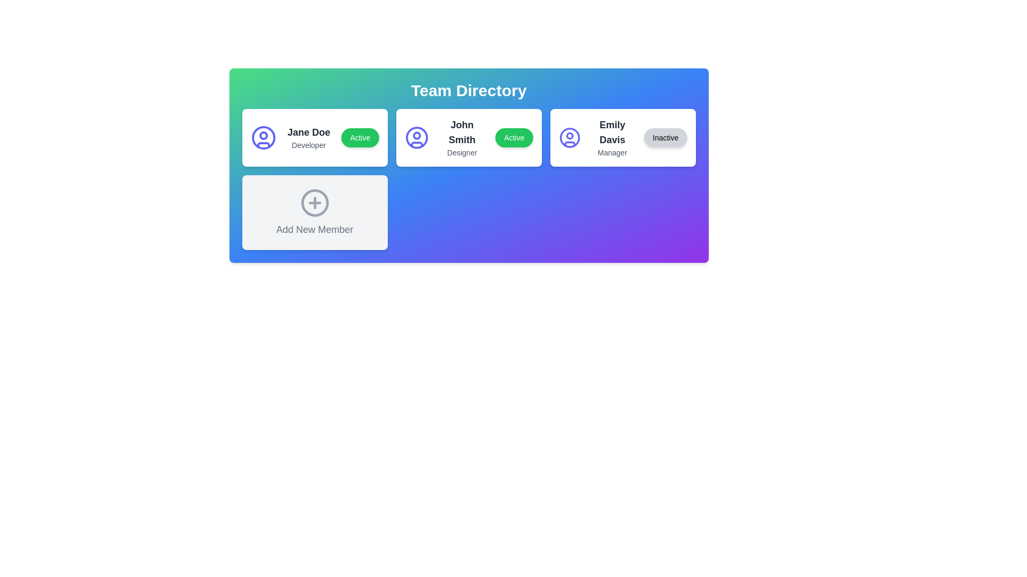 This screenshot has width=1027, height=577. I want to click on the Header Text that serves as a title for the team members' directory, which is positioned at the top of a colorful gradient background area and is horizontally centered above the members' cards grid, so click(469, 90).